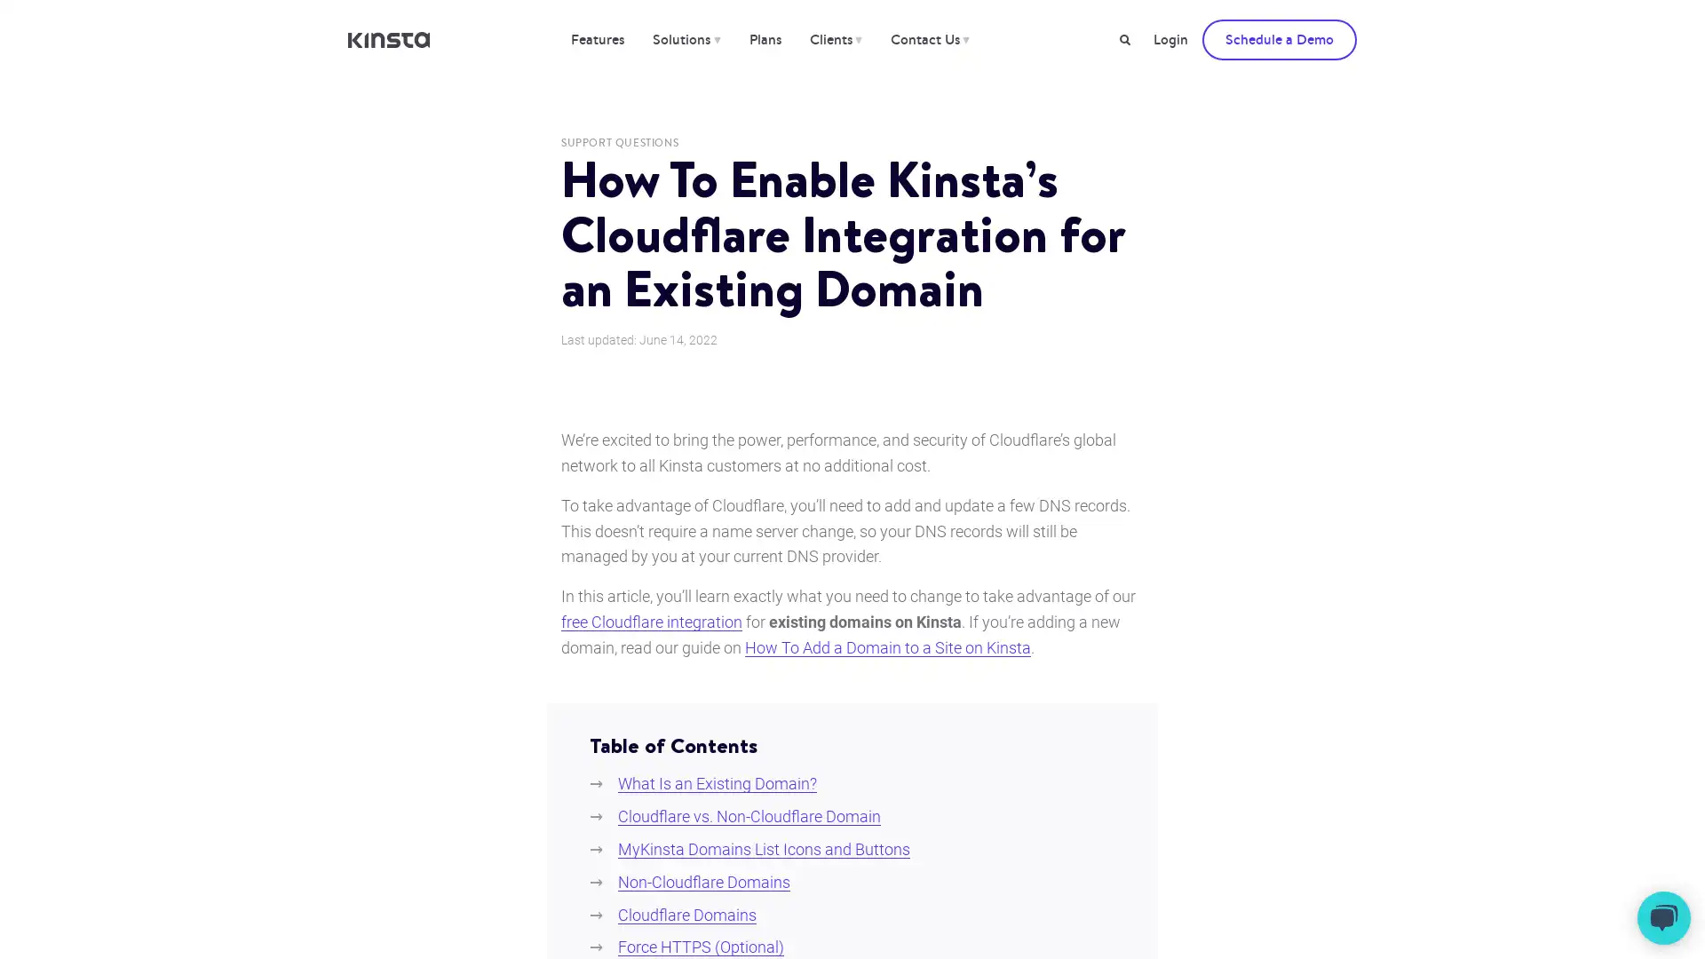 This screenshot has width=1705, height=959. Describe the element at coordinates (1124, 40) in the screenshot. I see `Submit search` at that location.